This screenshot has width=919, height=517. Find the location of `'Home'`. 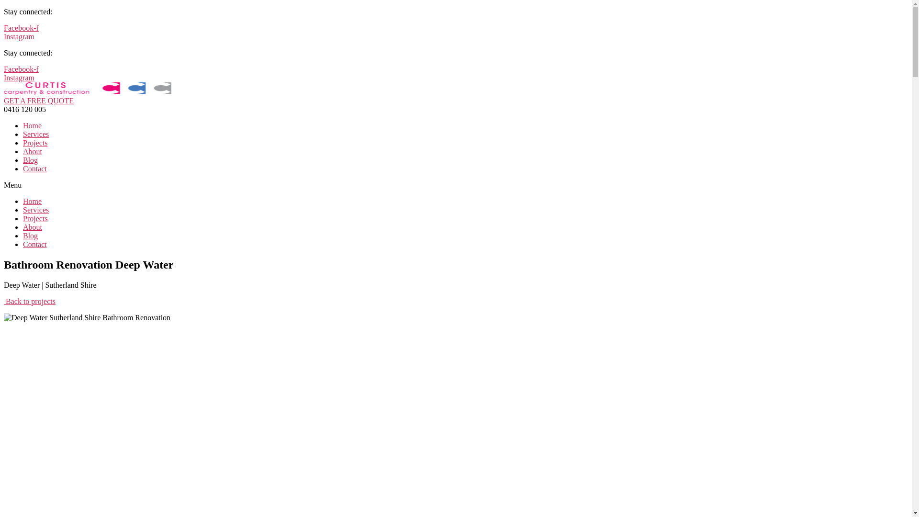

'Home' is located at coordinates (32, 125).